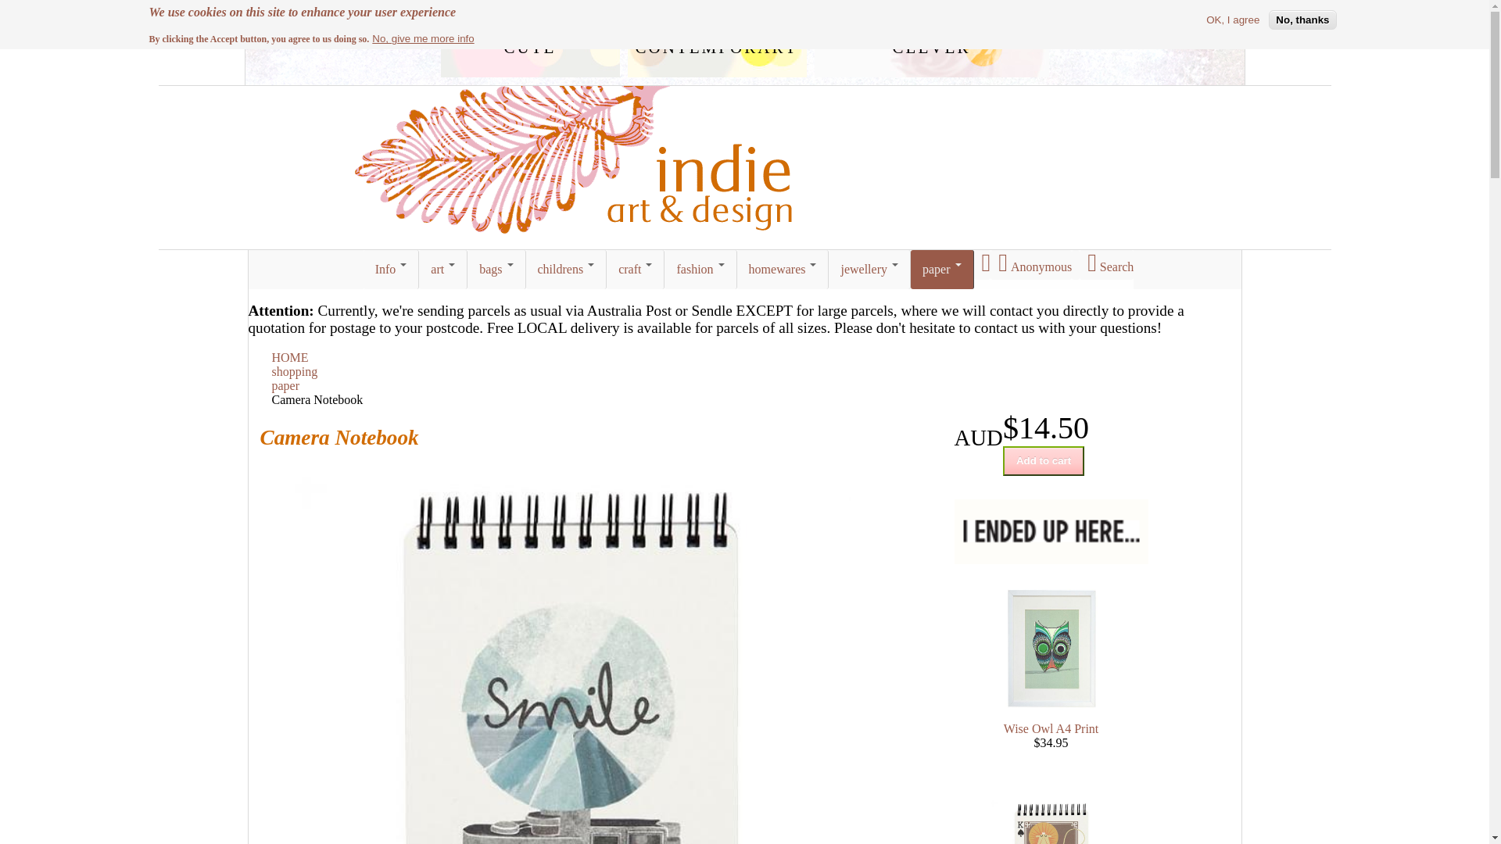 Image resolution: width=1501 pixels, height=844 pixels. What do you see at coordinates (931, 45) in the screenshot?
I see `'clever'` at bounding box center [931, 45].